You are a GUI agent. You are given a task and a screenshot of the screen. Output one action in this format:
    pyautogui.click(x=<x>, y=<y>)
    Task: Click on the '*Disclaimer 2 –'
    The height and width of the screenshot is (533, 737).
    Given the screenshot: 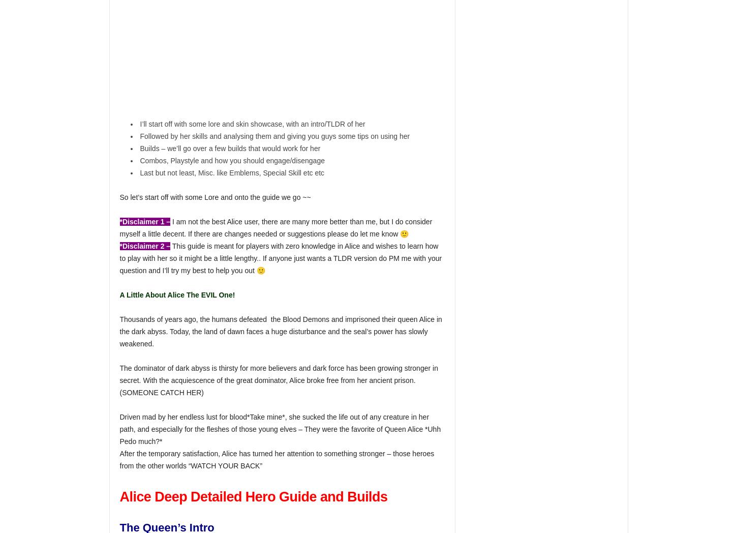 What is the action you would take?
    pyautogui.click(x=119, y=246)
    